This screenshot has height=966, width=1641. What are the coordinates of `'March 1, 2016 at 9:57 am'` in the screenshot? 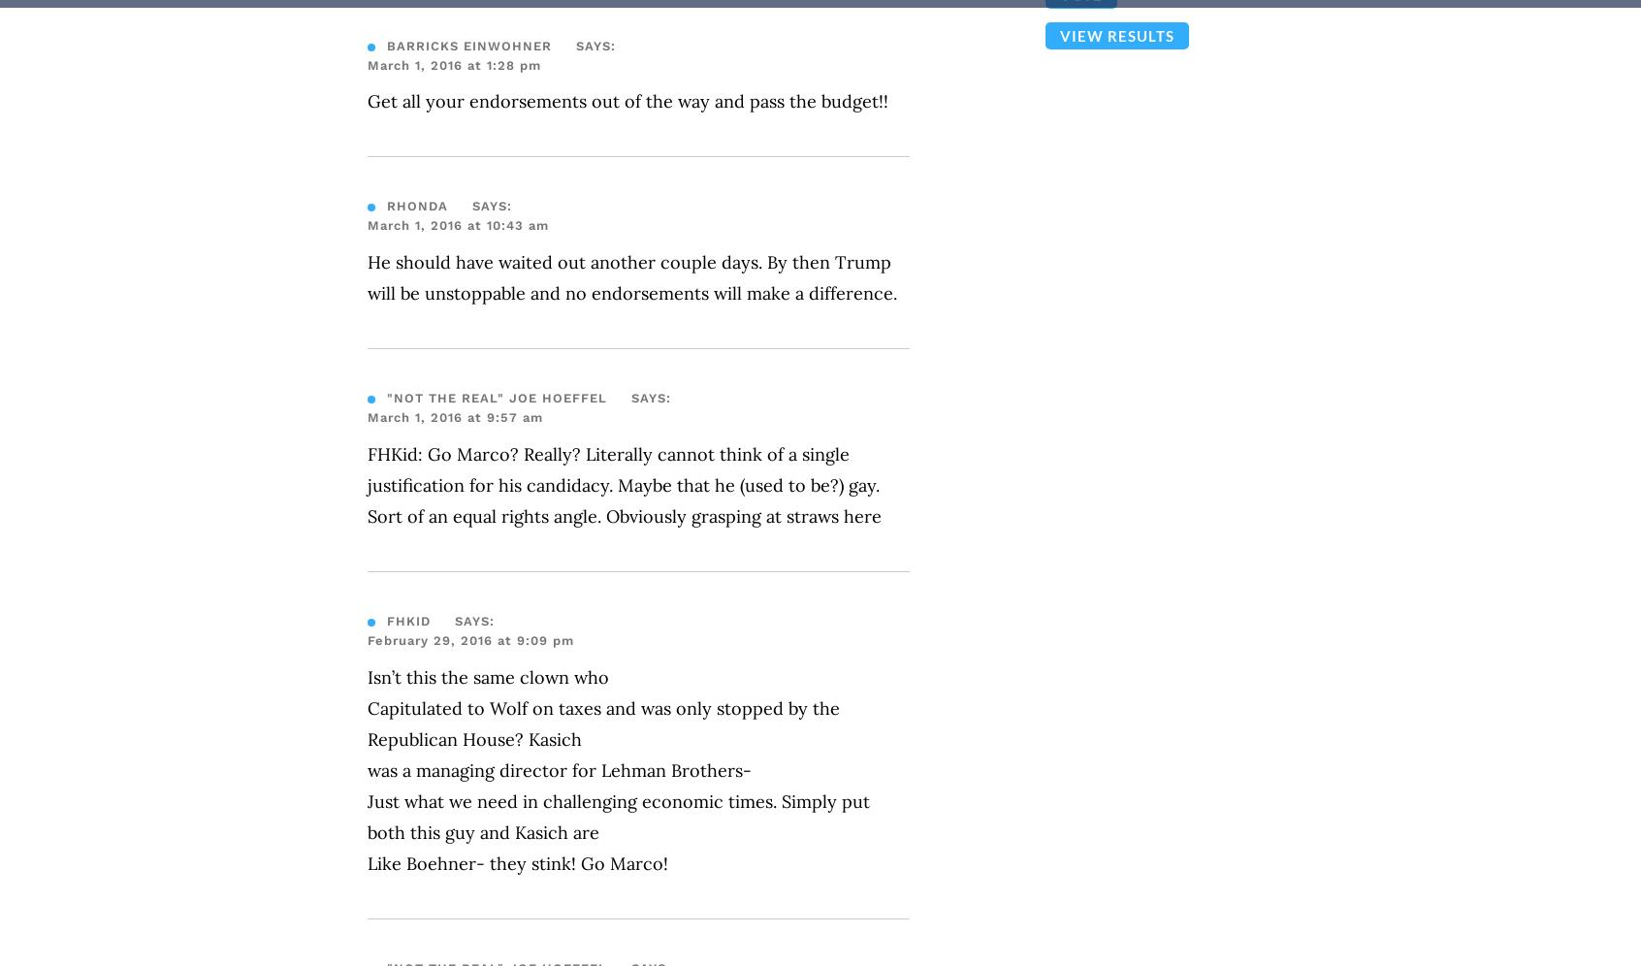 It's located at (368, 417).